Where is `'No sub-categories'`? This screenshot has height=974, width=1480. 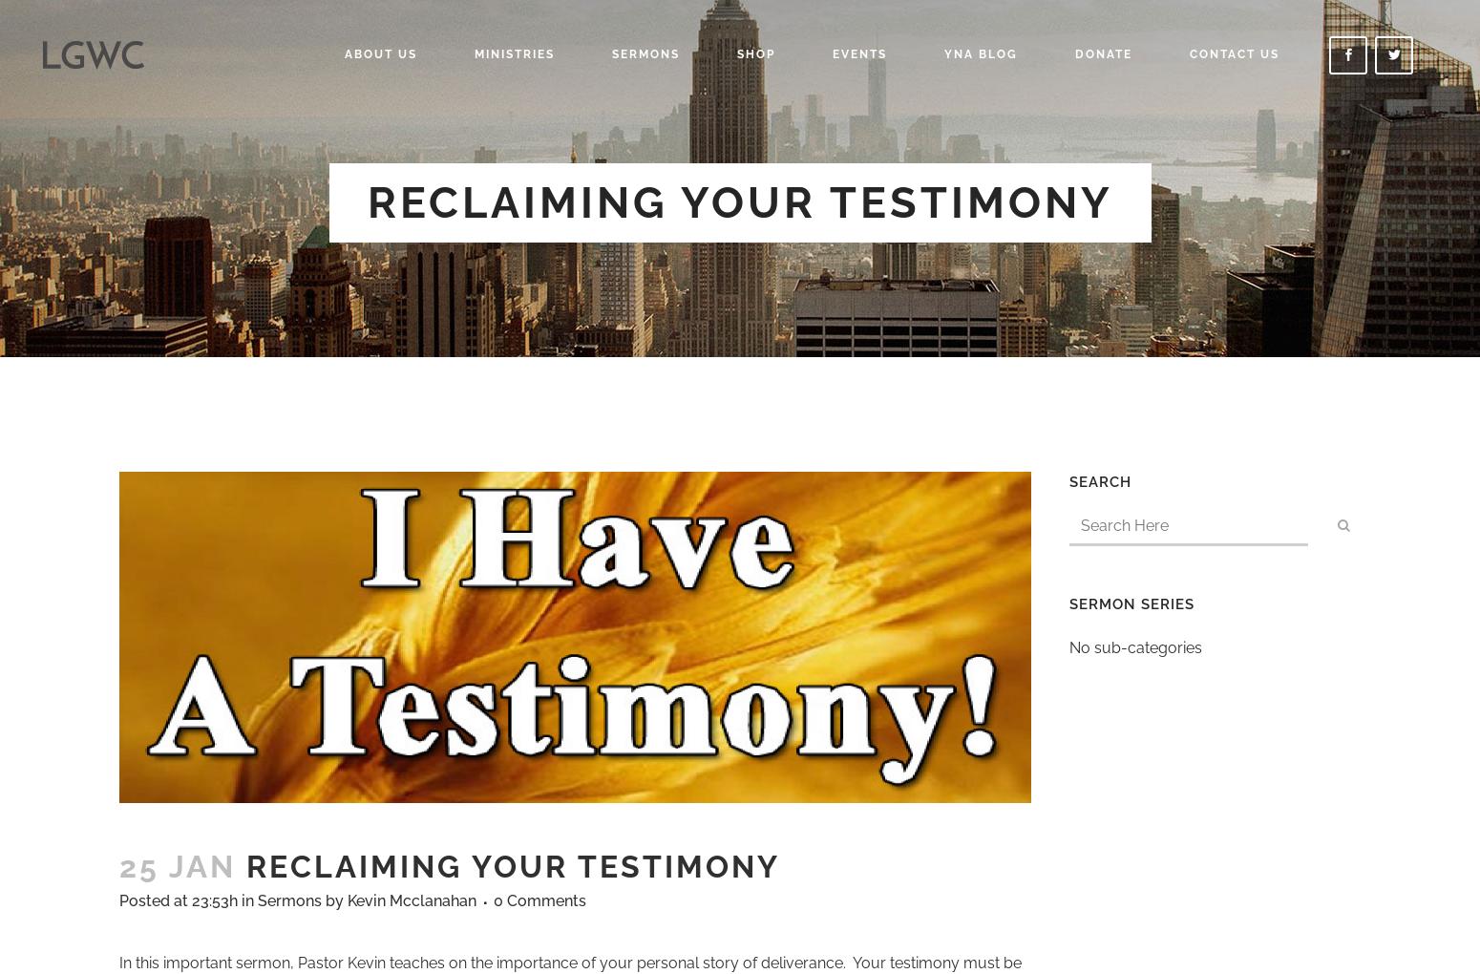 'No sub-categories' is located at coordinates (1135, 647).